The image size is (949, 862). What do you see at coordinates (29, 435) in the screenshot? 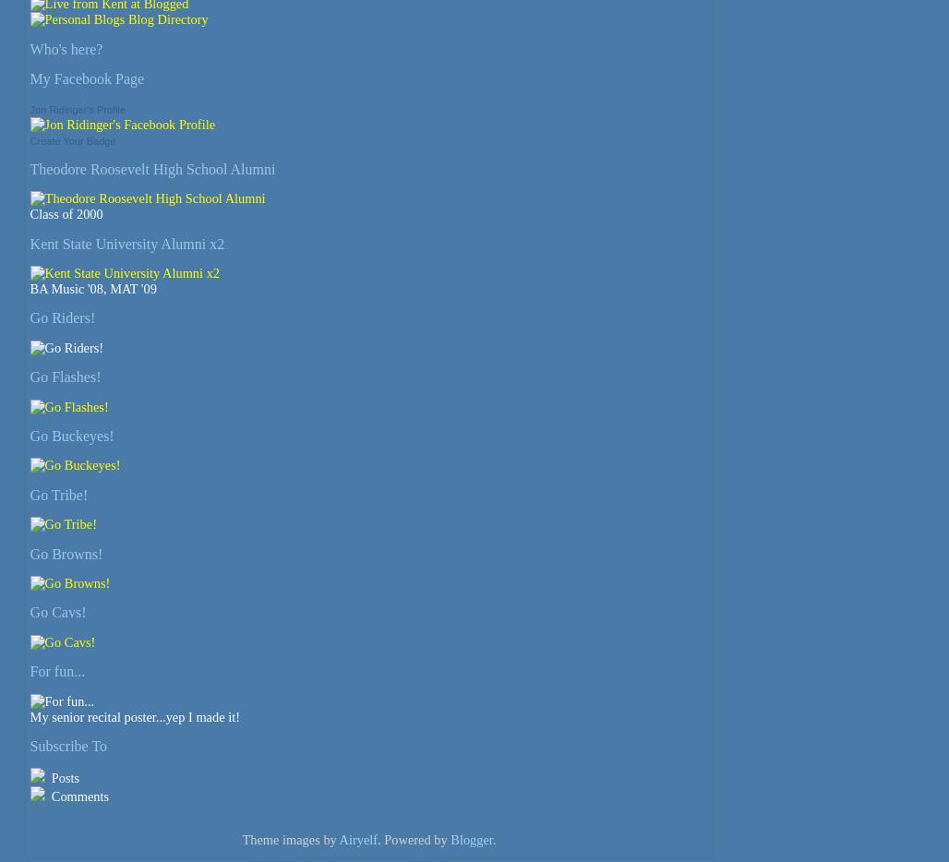
I see `'Go Buckeyes!'` at bounding box center [29, 435].